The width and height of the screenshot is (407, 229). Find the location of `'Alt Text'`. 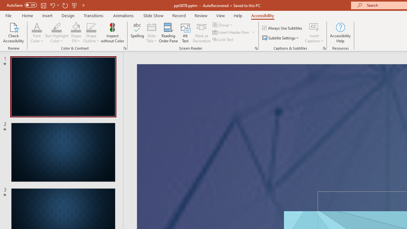

'Alt Text' is located at coordinates (185, 33).